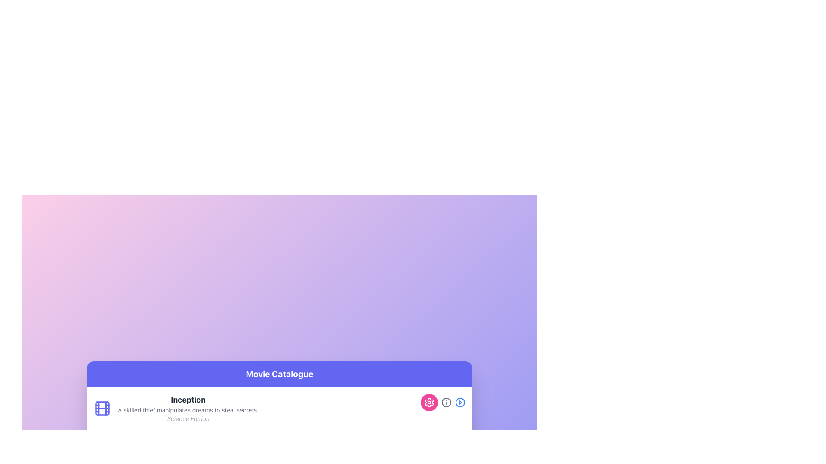  I want to click on text from the main textual content block located beneath the 'Movie Catalogue' header, aligned to the right of the film icon, so click(188, 408).